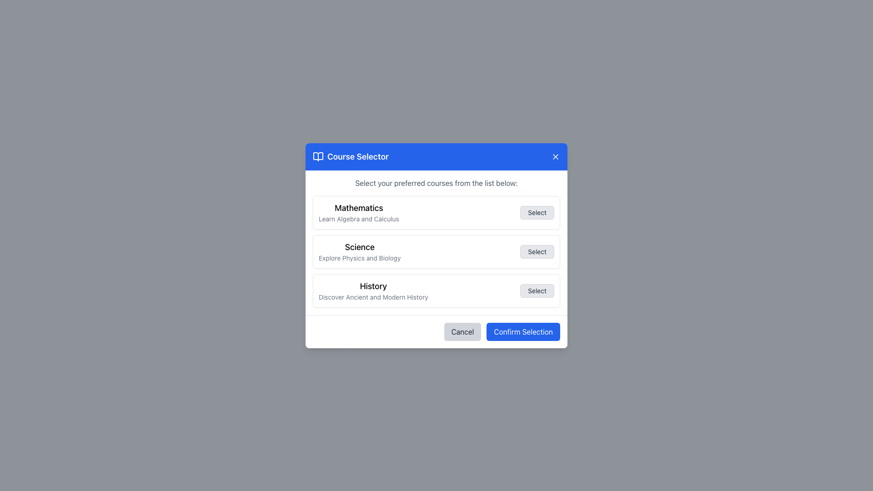 The width and height of the screenshot is (873, 491). What do you see at coordinates (537, 291) in the screenshot?
I see `the 'Select' button, which is a rectangular button with rounded corners, light grey background, and black centered text, located at the far right of the course information for 'History'` at bounding box center [537, 291].